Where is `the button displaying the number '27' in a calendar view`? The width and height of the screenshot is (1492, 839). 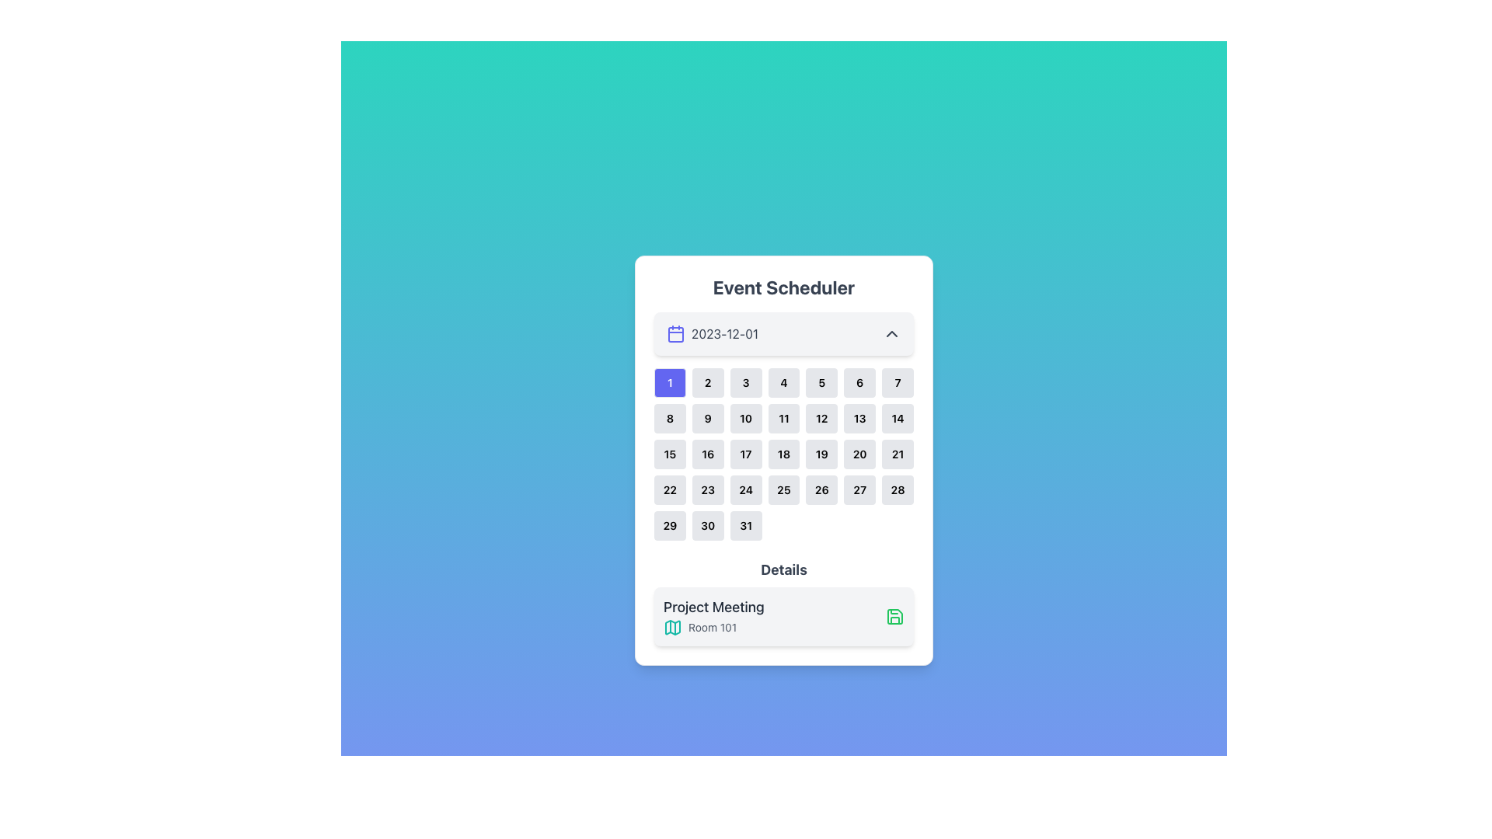
the button displaying the number '27' in a calendar view is located at coordinates (859, 490).